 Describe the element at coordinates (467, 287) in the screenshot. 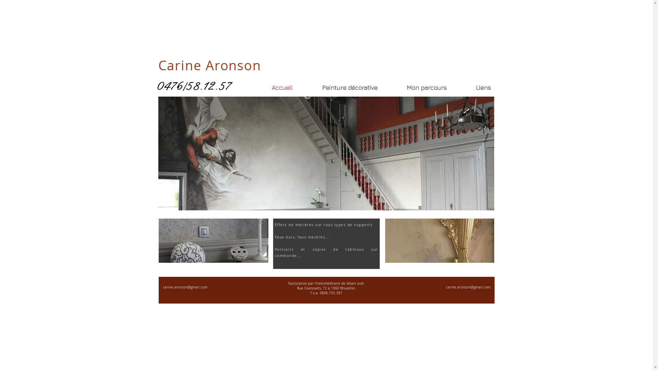

I see `'carine.aronson@gmail.com'` at that location.